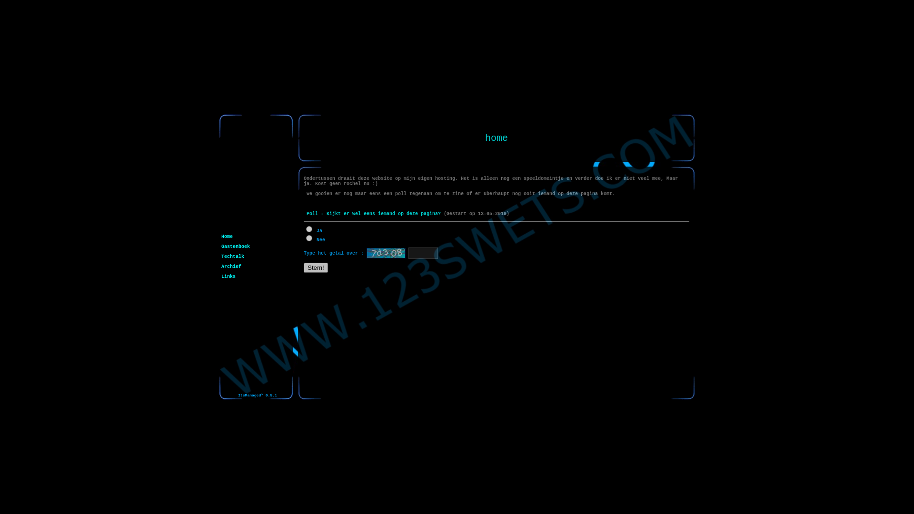 The height and width of the screenshot is (514, 914). I want to click on 'Stem!', so click(316, 267).